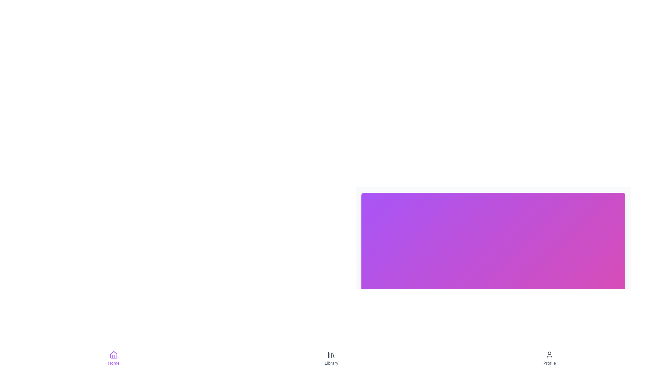 The width and height of the screenshot is (664, 373). I want to click on the 'Home' button in the bottom navigation menu, which features a purple house icon and is positioned on the leftmost side, so click(114, 358).